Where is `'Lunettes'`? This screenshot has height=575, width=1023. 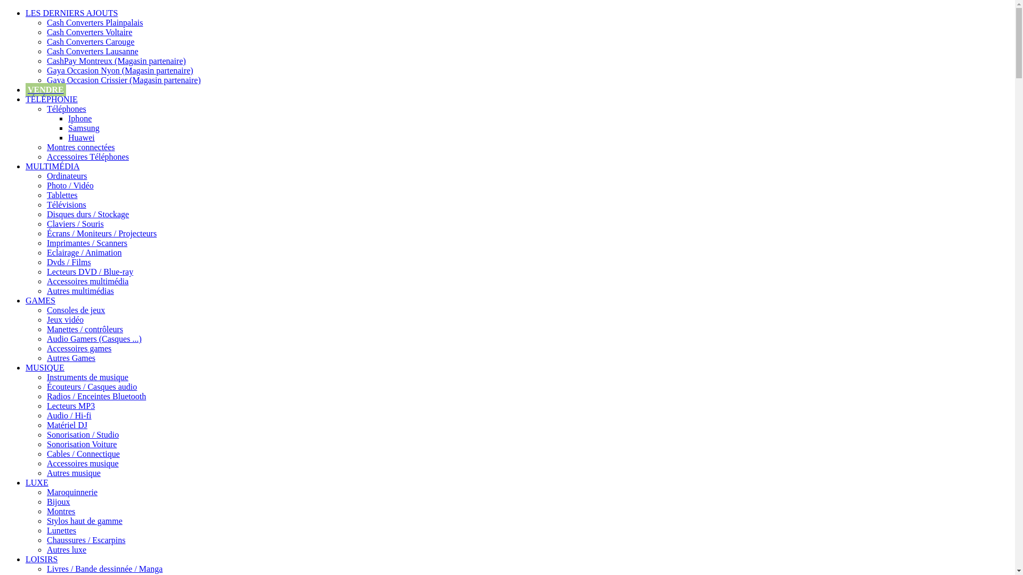
'Lunettes' is located at coordinates (61, 530).